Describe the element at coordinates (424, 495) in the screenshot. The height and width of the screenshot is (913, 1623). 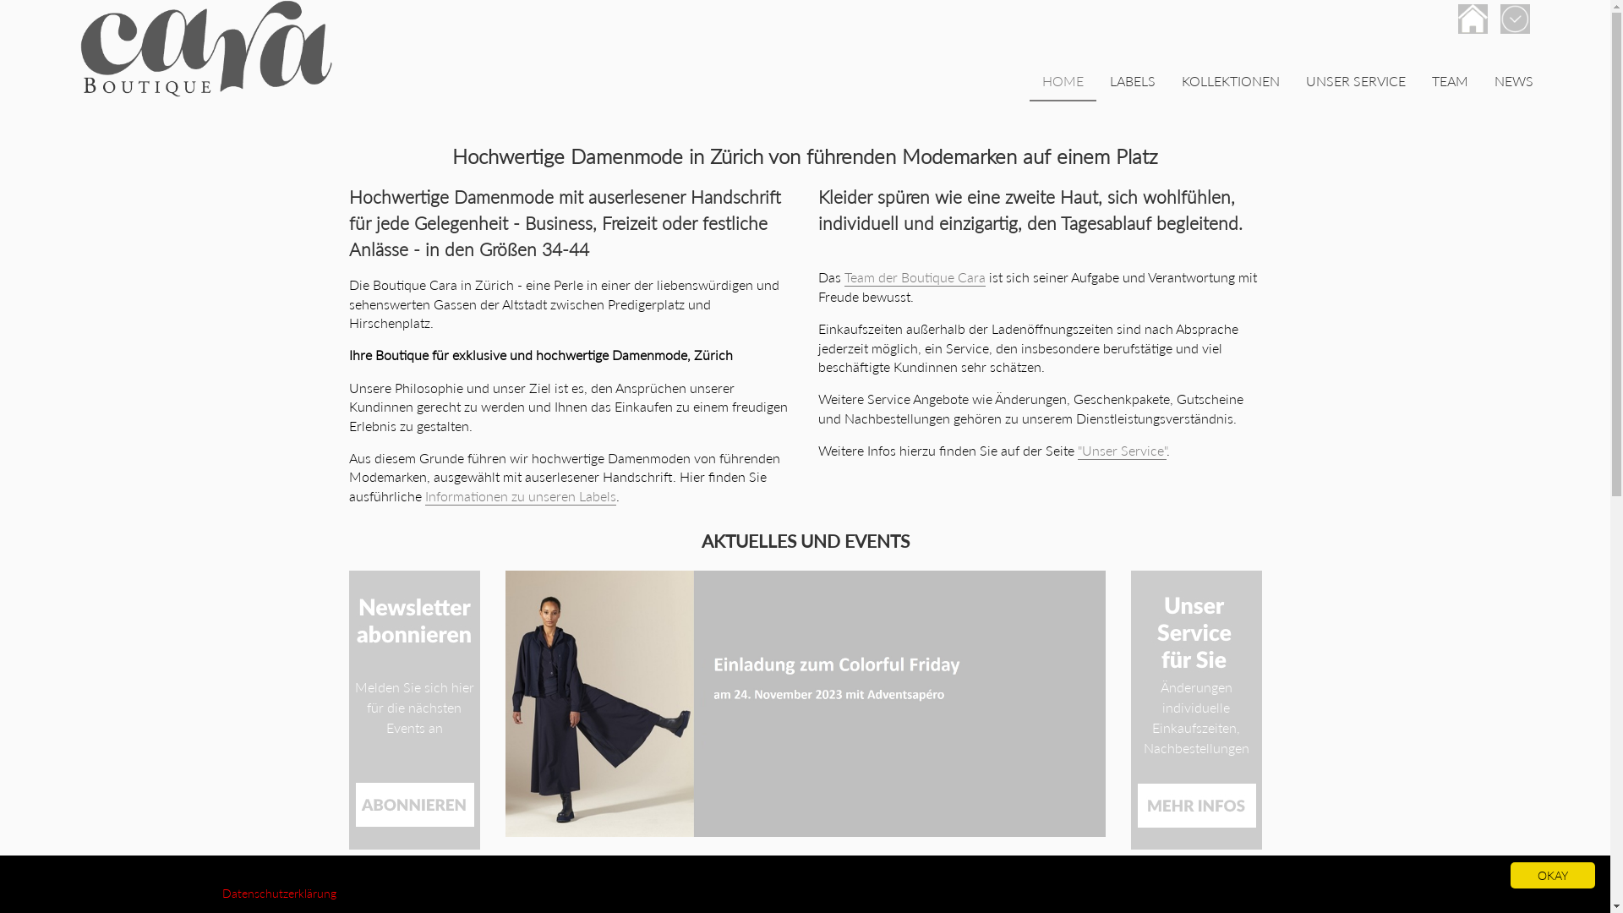
I see `'Informationen zu unseren Labels'` at that location.